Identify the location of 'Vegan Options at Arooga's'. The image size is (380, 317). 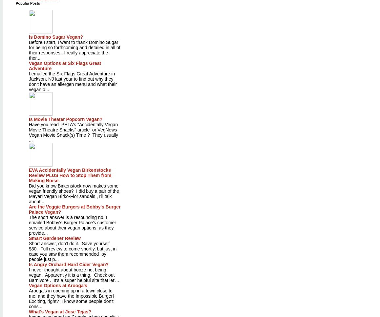
(58, 285).